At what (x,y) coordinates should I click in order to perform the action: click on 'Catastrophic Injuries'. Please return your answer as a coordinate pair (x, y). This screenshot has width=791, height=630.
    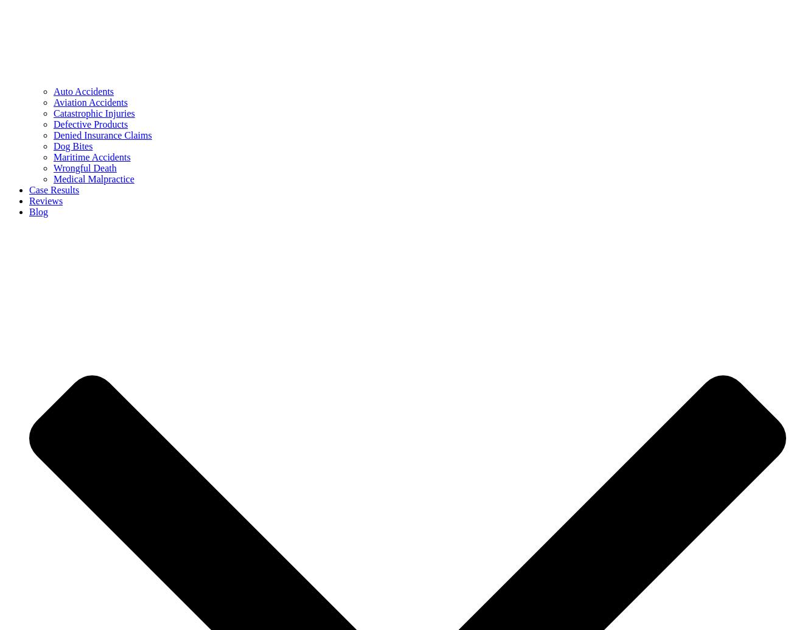
    Looking at the image, I should click on (93, 113).